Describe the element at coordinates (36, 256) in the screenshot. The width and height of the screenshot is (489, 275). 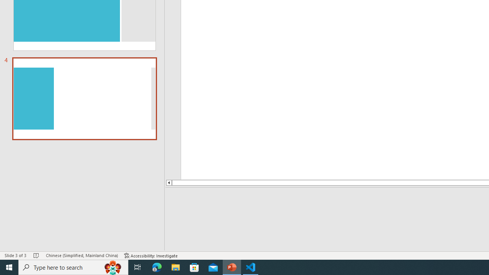
I see `'Spell Check No Errors'` at that location.